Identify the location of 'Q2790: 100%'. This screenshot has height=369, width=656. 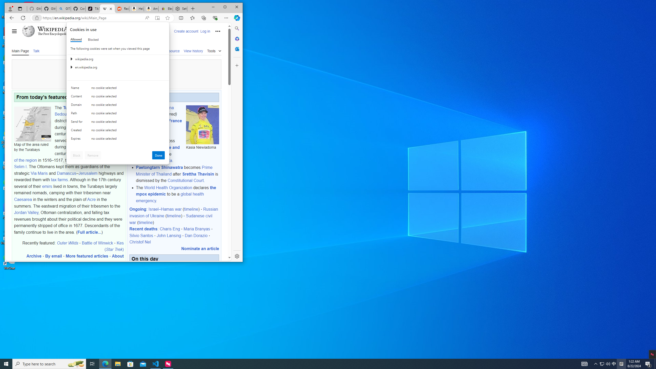
(608, 363).